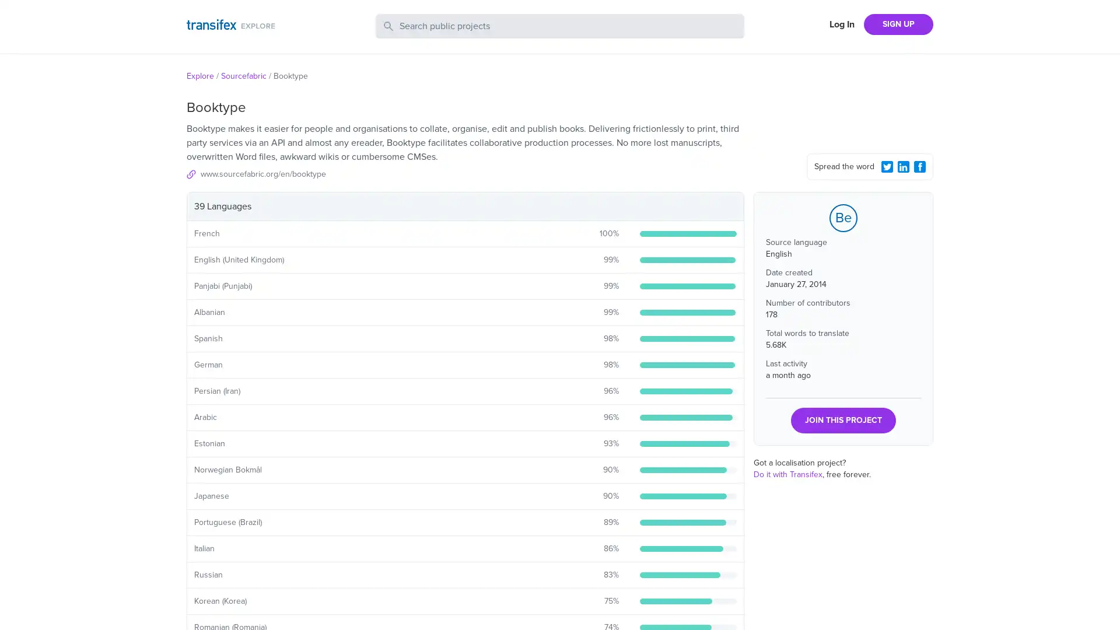  I want to click on Twitter Share, so click(887, 166).